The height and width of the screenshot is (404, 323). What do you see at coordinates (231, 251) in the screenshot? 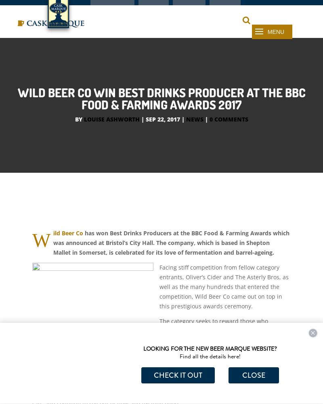
I see `'BBC Food & Farming Awards'` at bounding box center [231, 251].